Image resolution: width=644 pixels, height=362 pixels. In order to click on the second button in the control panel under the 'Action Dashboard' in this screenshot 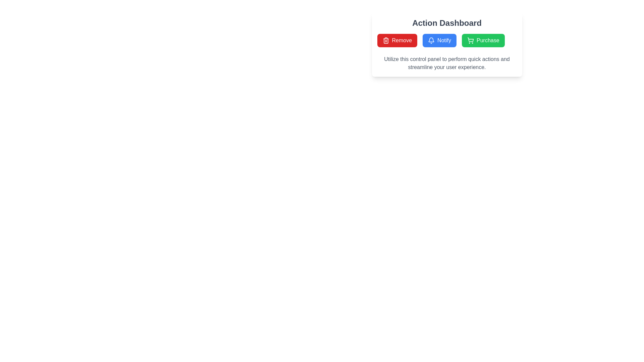, I will do `click(447, 40)`.